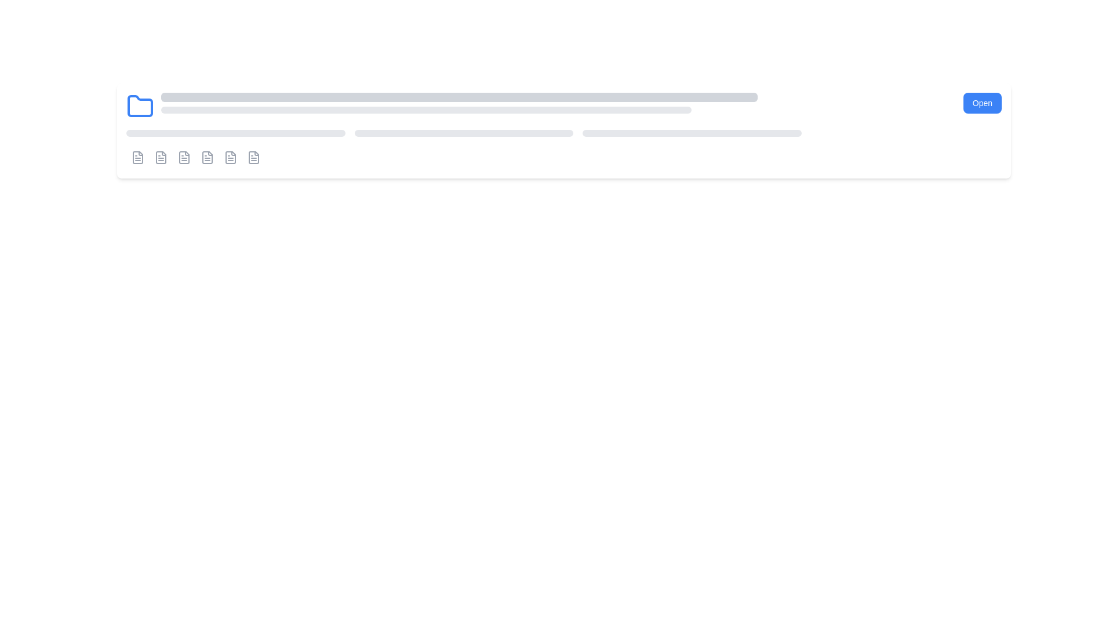  I want to click on the file icon located in the bottom left portion of the interface, which serves as a visual representation for navigation or identification, so click(253, 158).